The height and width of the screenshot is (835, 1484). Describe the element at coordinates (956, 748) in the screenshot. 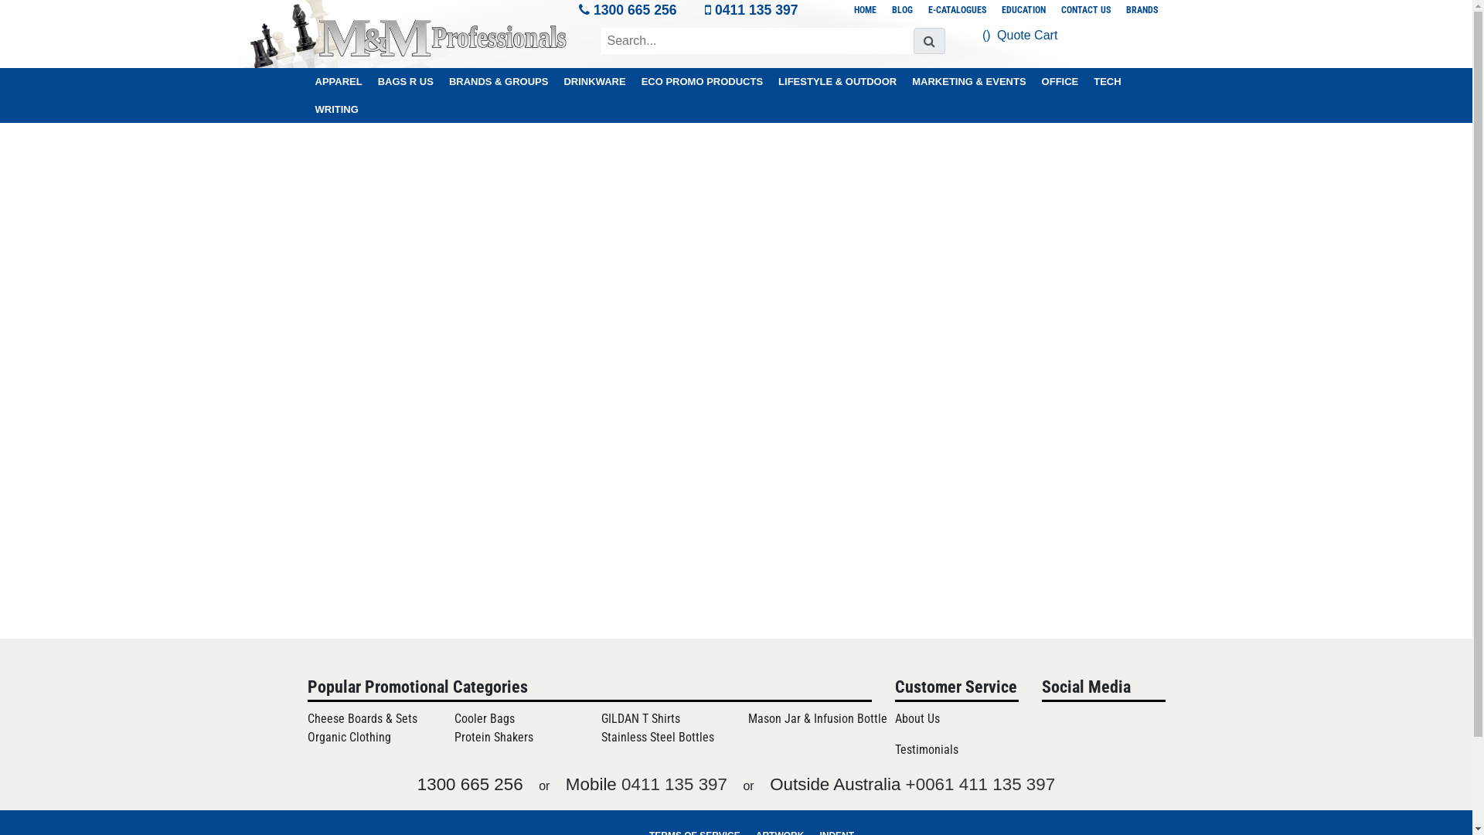

I see `'Testimonials'` at that location.